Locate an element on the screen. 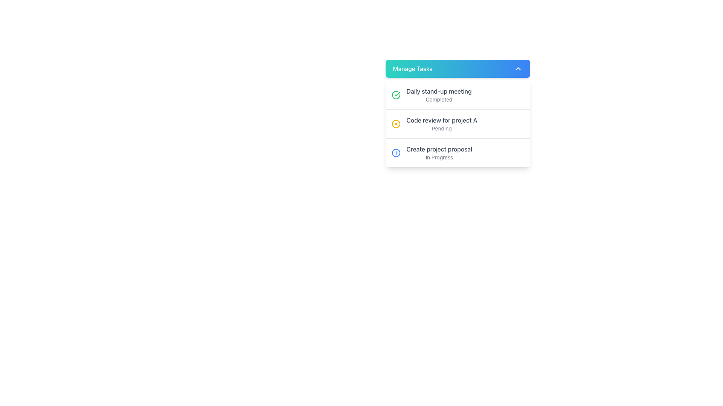  status text label indicating the completion status of the 'Daily stand-up meeting' task, which is located beneath the title in the first task card under the 'Manage Tasks' heading is located at coordinates (439, 99).